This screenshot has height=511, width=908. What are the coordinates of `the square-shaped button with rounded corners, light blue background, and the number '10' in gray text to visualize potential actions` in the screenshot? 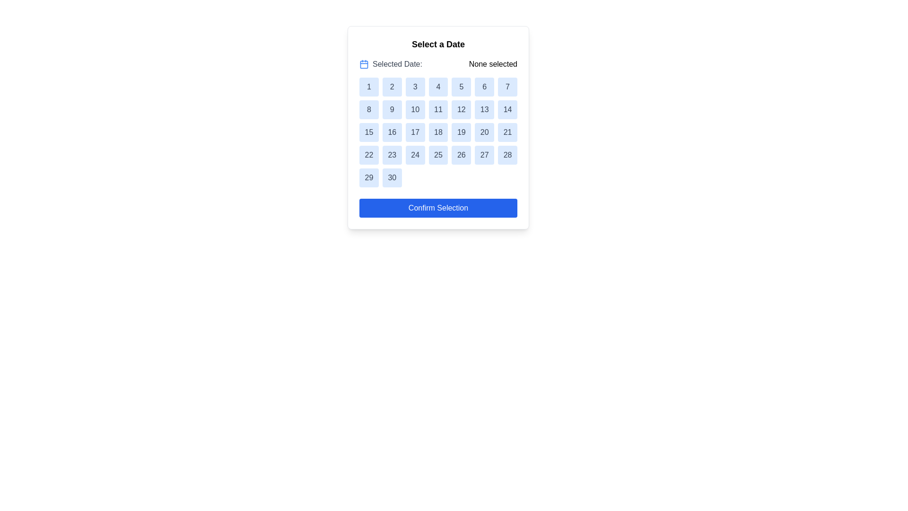 It's located at (415, 109).